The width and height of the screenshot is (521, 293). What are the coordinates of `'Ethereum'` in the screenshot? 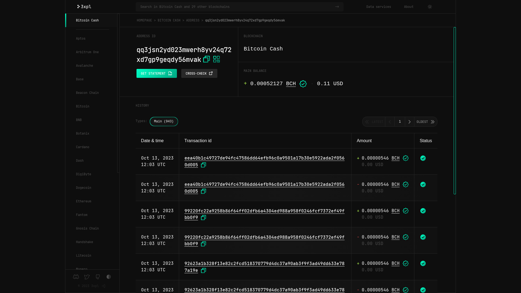 It's located at (91, 201).